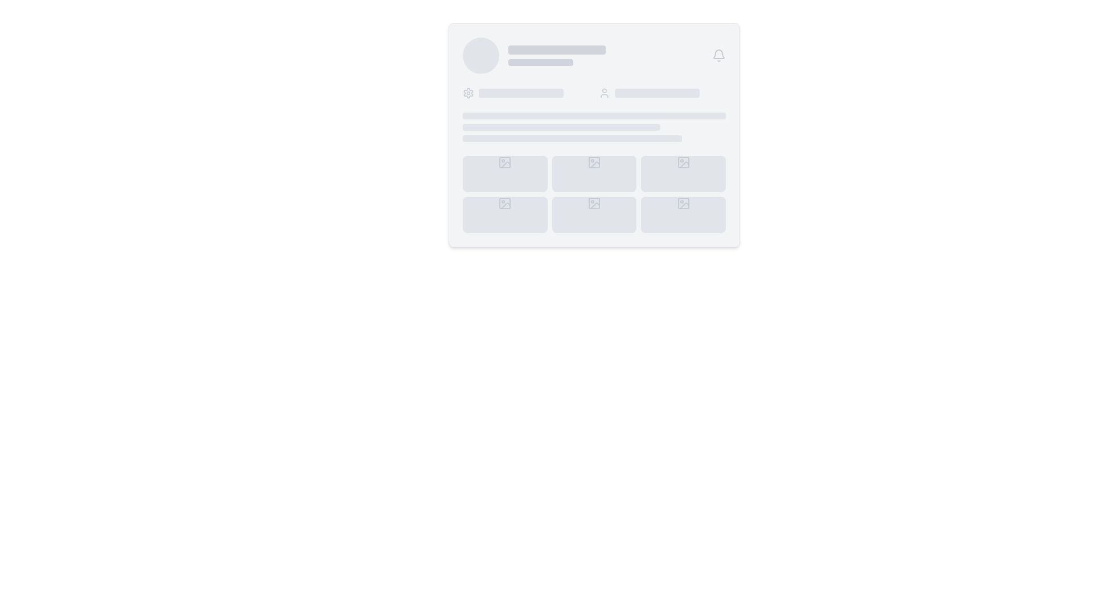  I want to click on the central placeholder image located in the middle row and middle column of a 2x3 grid structure, so click(594, 165).